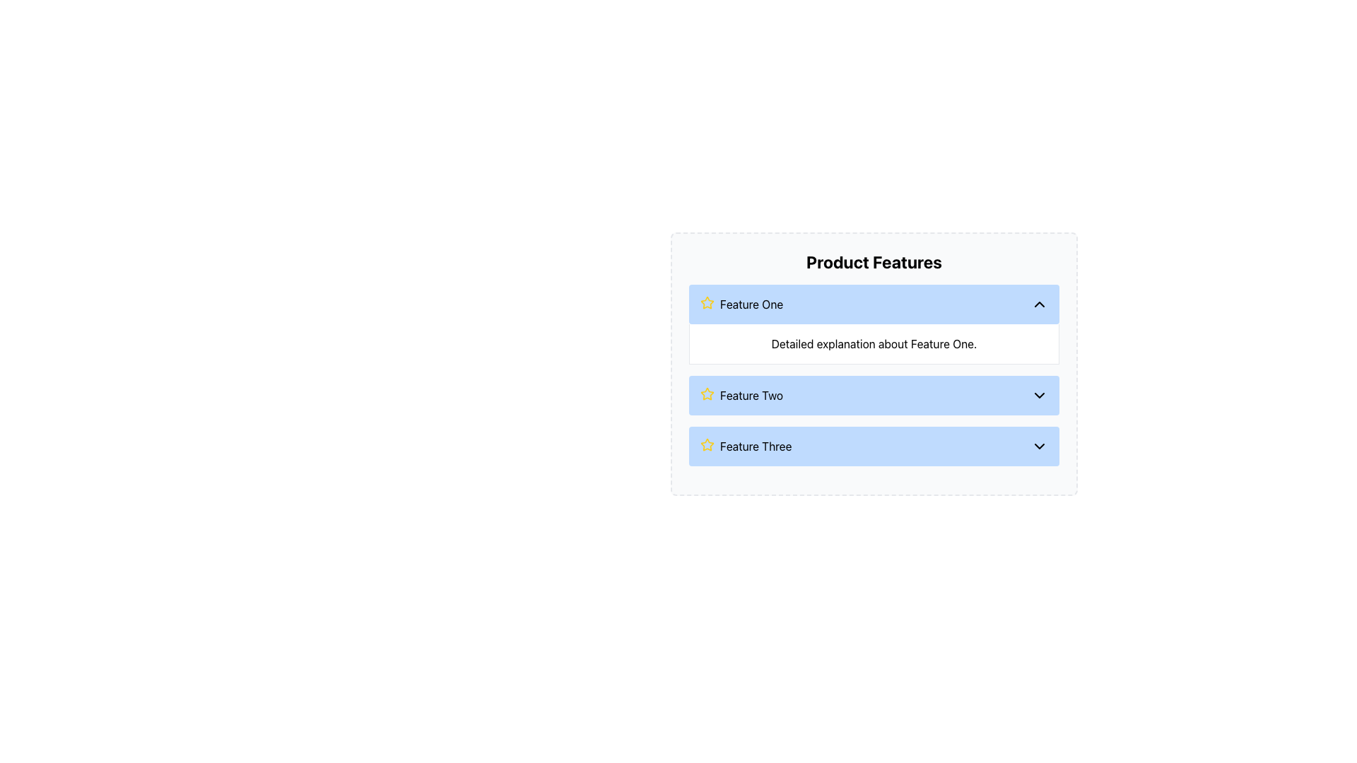 The width and height of the screenshot is (1357, 763). What do you see at coordinates (707, 444) in the screenshot?
I see `the star-shaped icon with a hollow interior and yellow border, located to the left of the text 'Feature Three' in the 'Product Features' list` at bounding box center [707, 444].